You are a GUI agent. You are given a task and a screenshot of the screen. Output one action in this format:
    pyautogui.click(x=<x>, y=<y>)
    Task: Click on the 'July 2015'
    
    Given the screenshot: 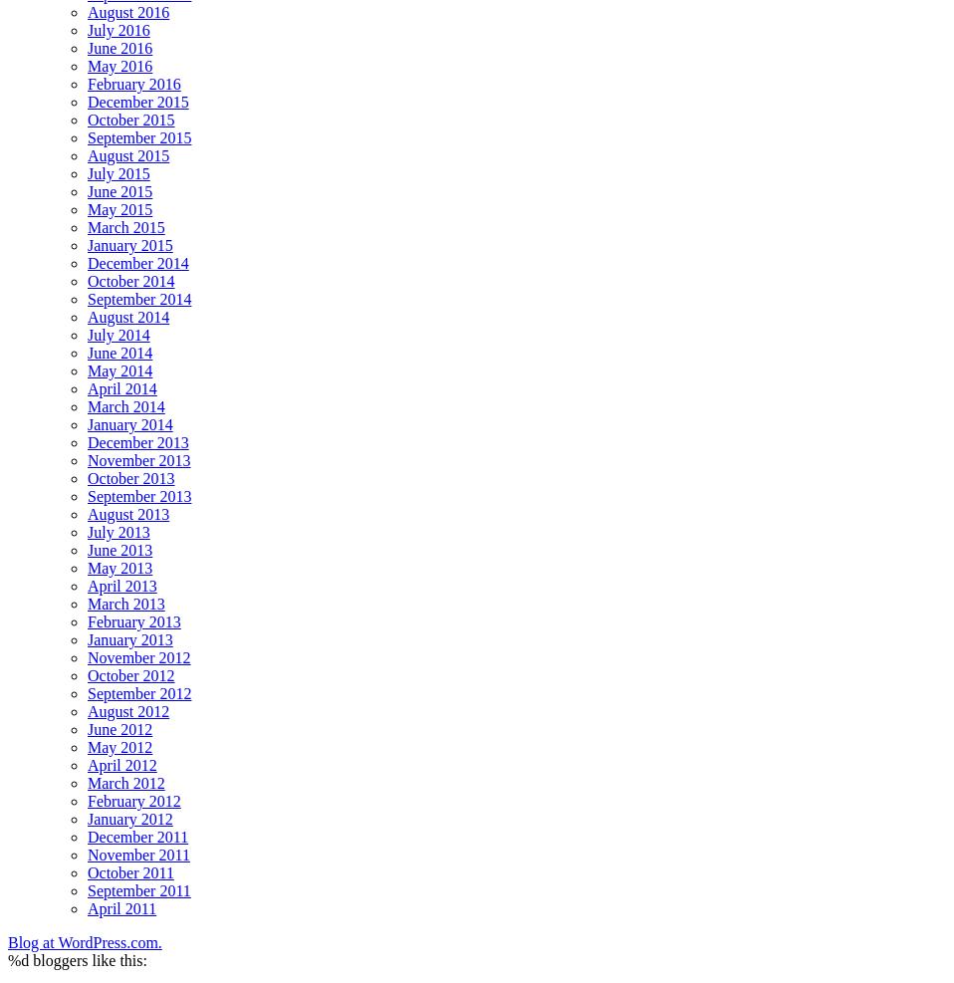 What is the action you would take?
    pyautogui.click(x=118, y=172)
    